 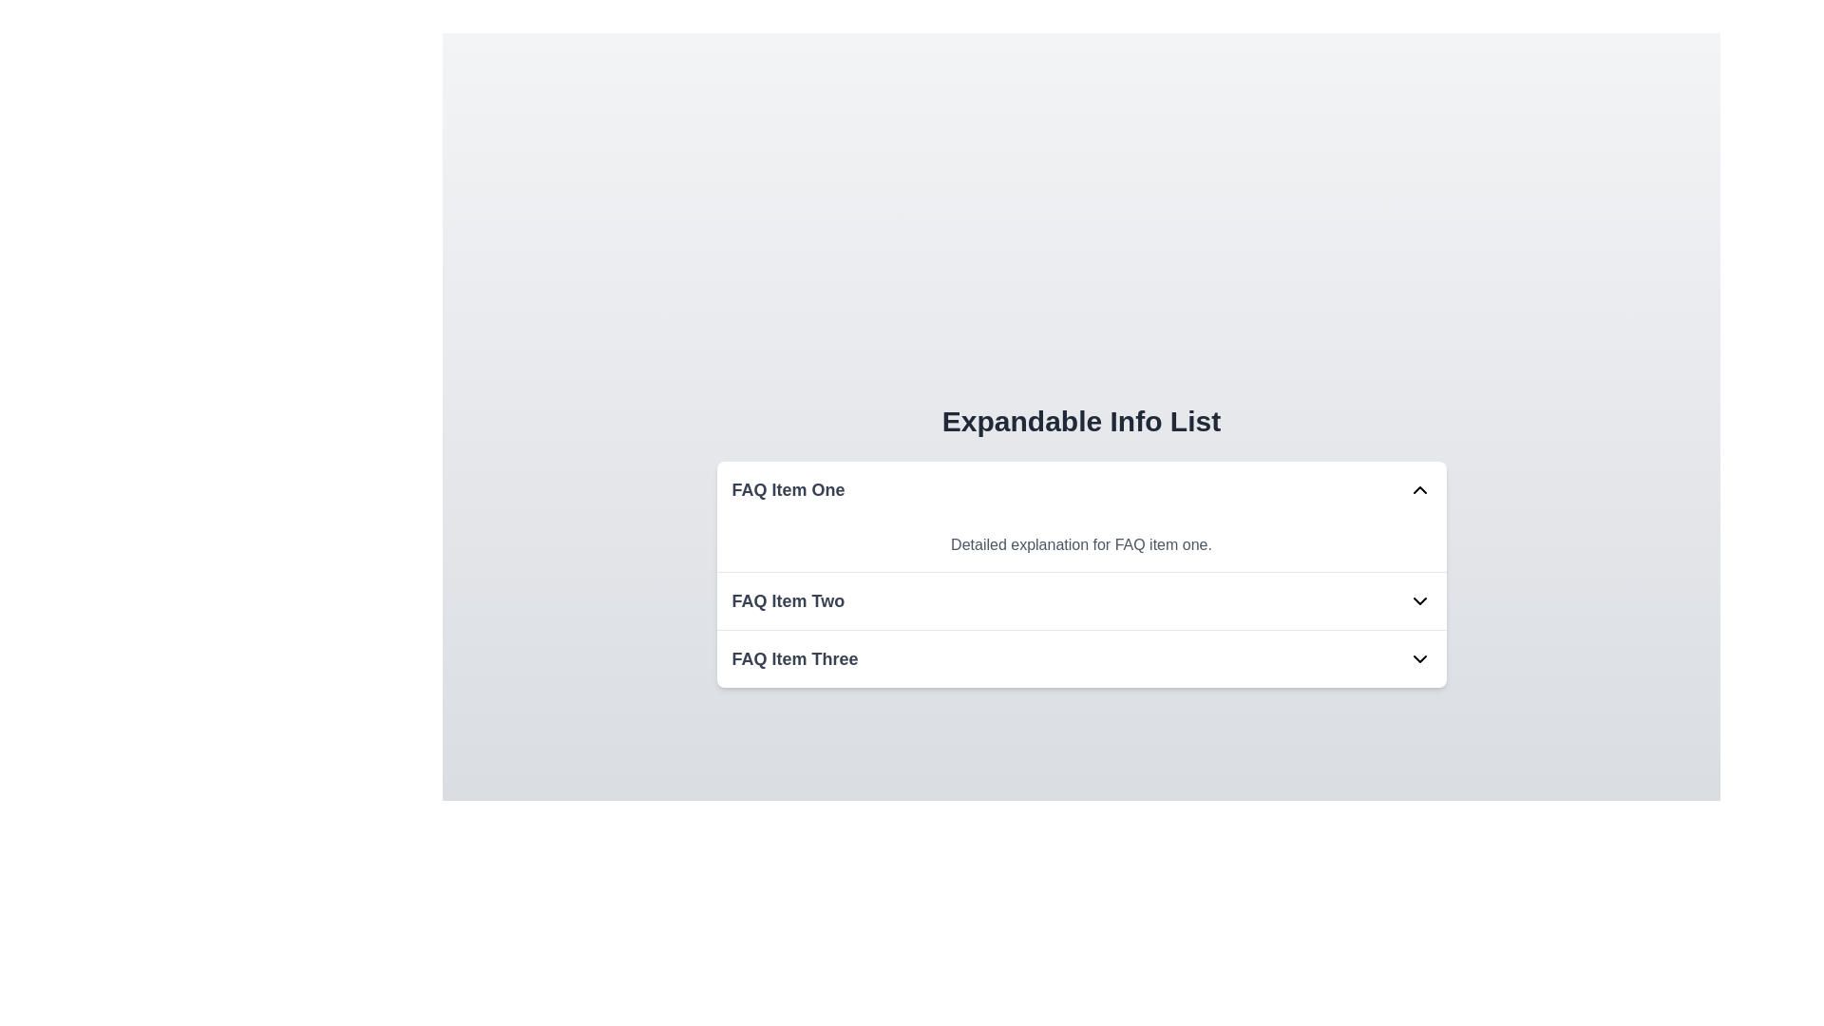 I want to click on the section title element that serves as a label for the expandable FAQ information, positioned above the list of FAQ items, so click(x=1081, y=420).